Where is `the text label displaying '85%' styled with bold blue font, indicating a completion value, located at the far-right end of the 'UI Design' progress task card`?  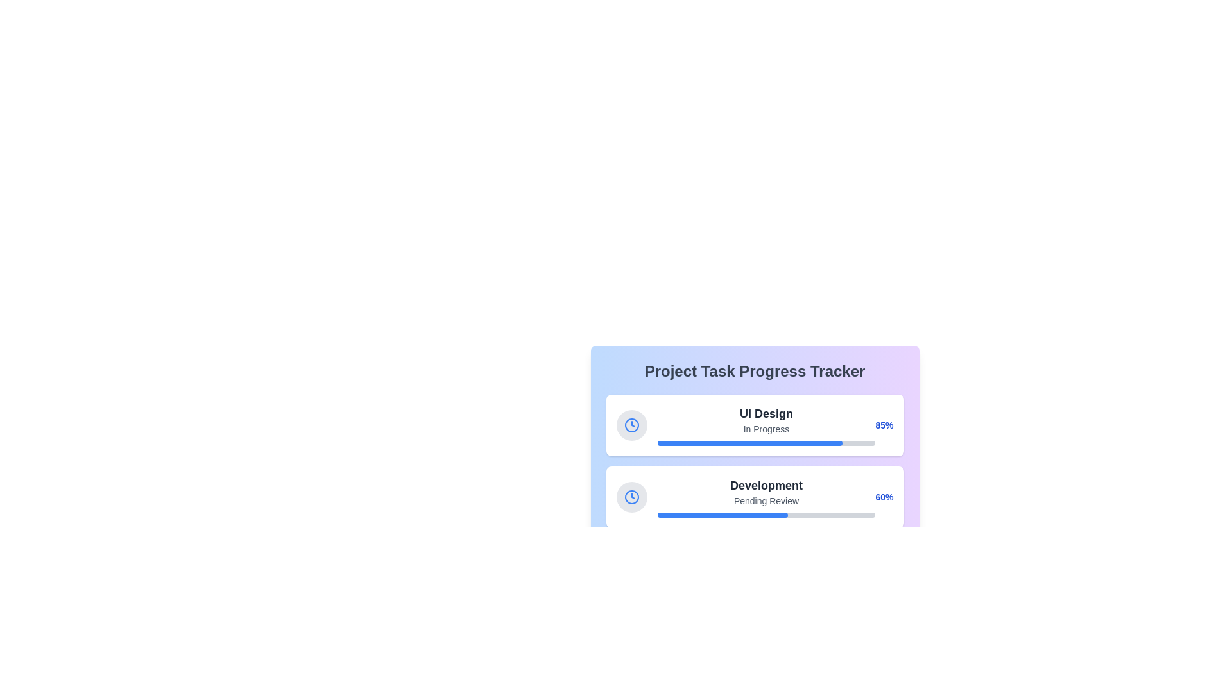 the text label displaying '85%' styled with bold blue font, indicating a completion value, located at the far-right end of the 'UI Design' progress task card is located at coordinates (884, 425).